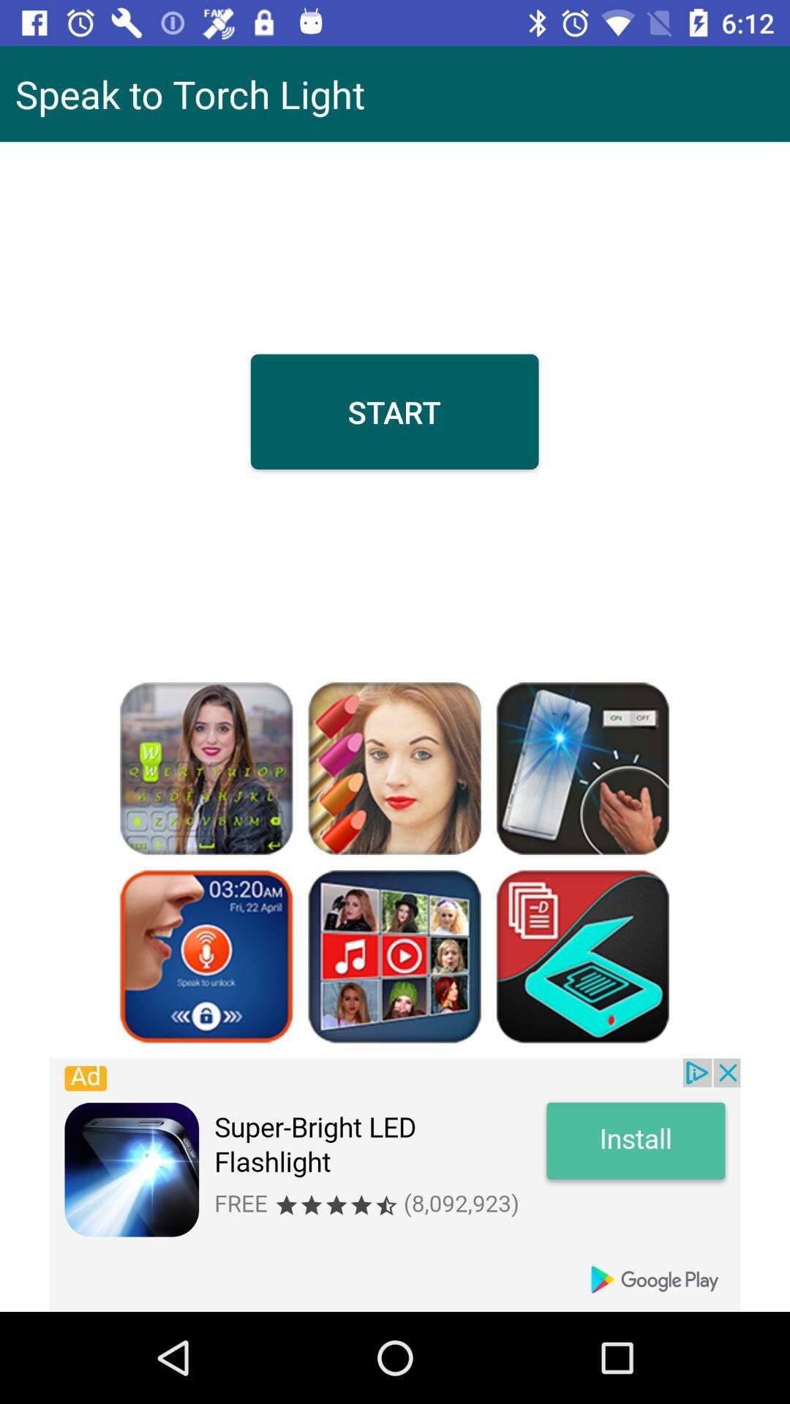 This screenshot has height=1404, width=790. I want to click on click the page add, so click(395, 1185).